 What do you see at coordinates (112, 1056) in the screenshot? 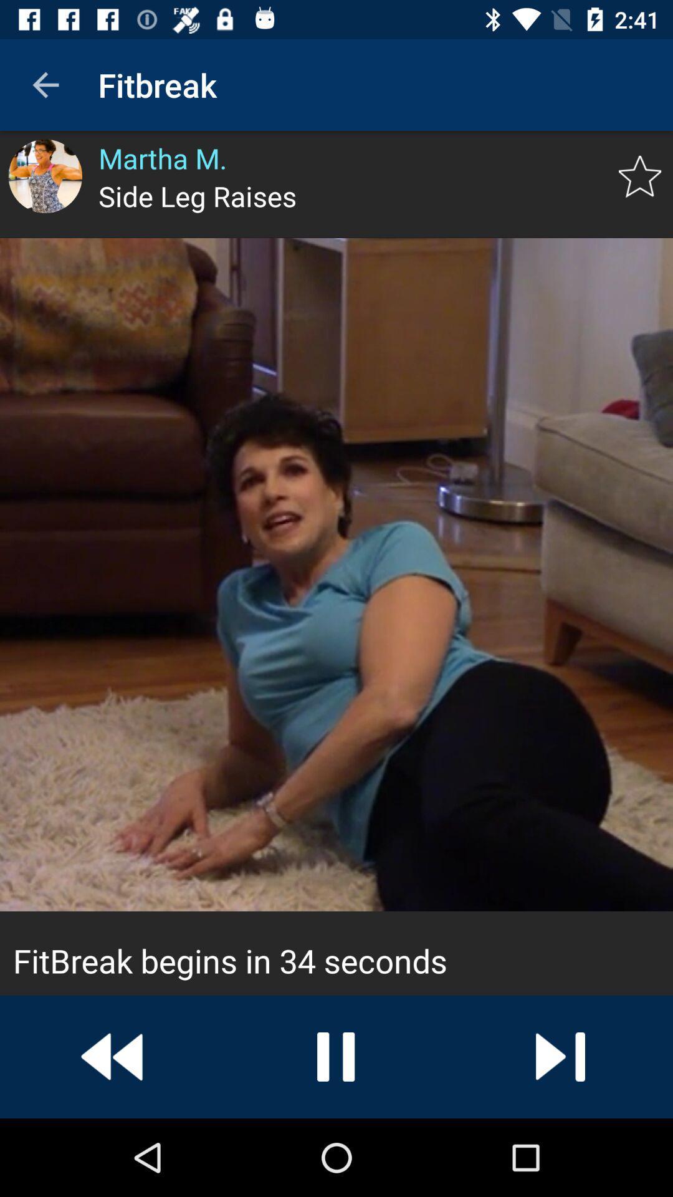
I see `rewind video` at bounding box center [112, 1056].